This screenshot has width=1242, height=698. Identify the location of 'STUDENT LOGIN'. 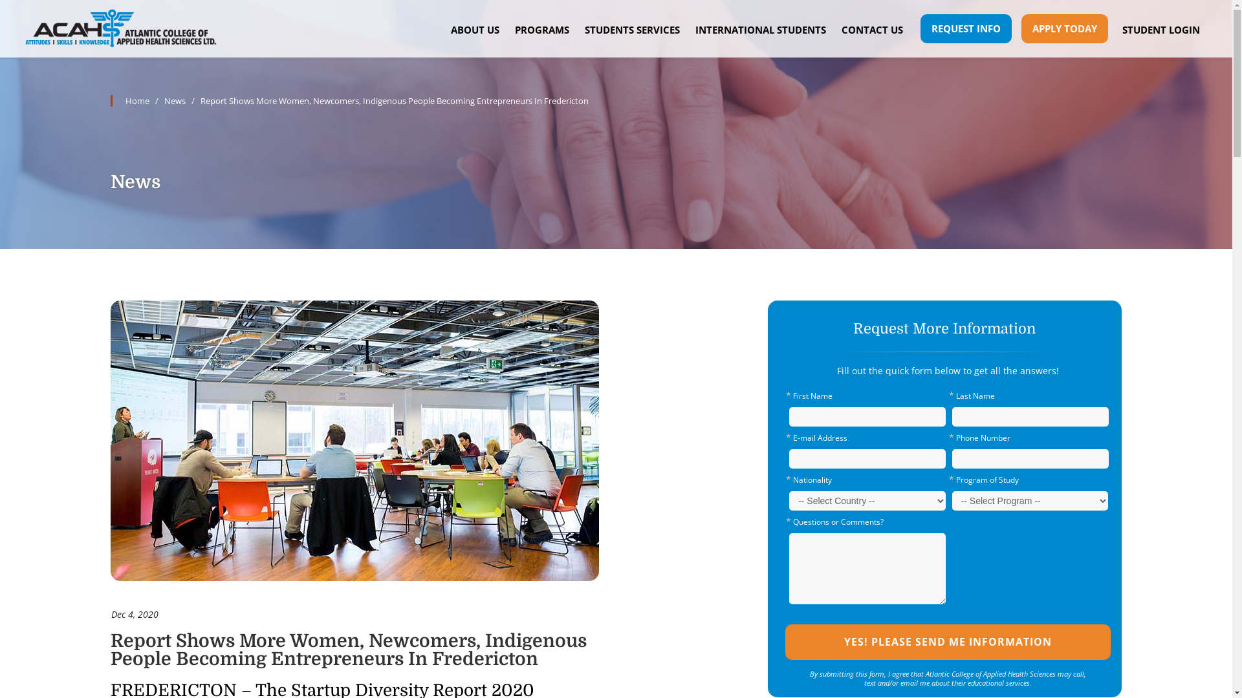
(1161, 29).